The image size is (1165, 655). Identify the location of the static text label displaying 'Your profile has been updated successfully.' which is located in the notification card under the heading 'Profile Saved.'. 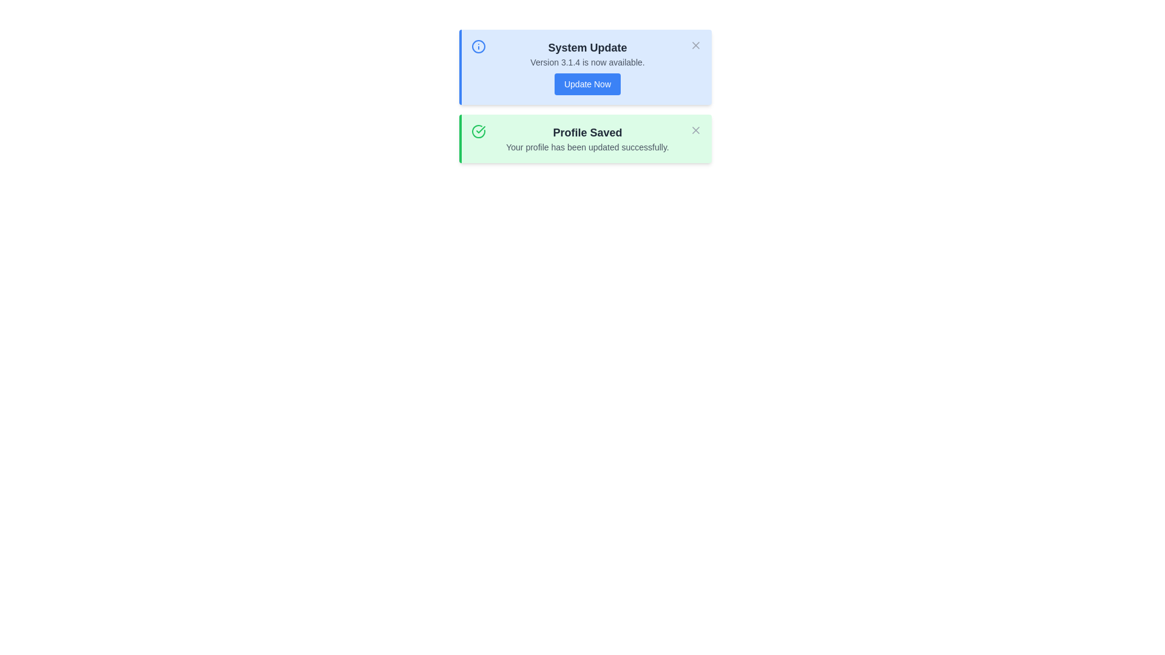
(587, 147).